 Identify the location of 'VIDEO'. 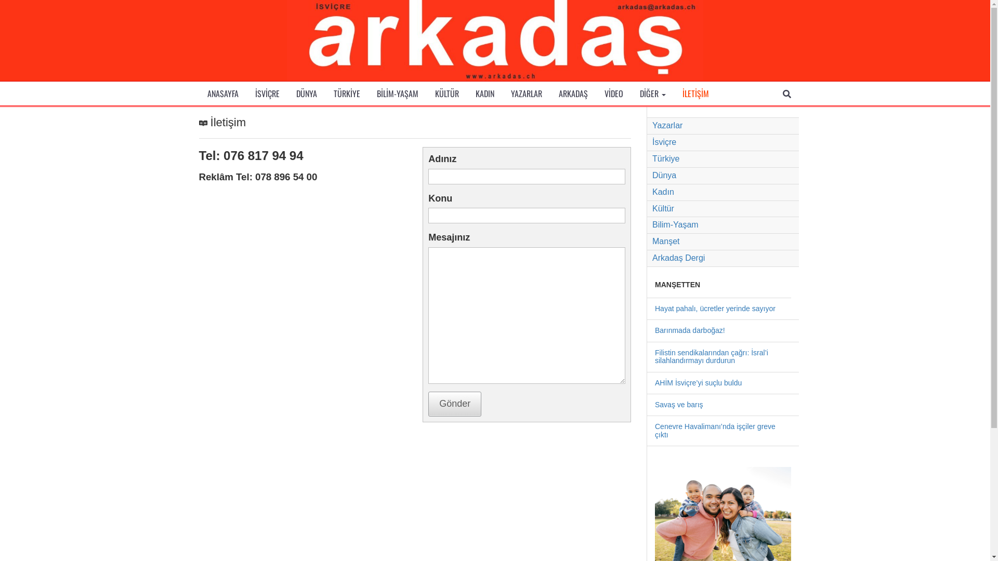
(613, 94).